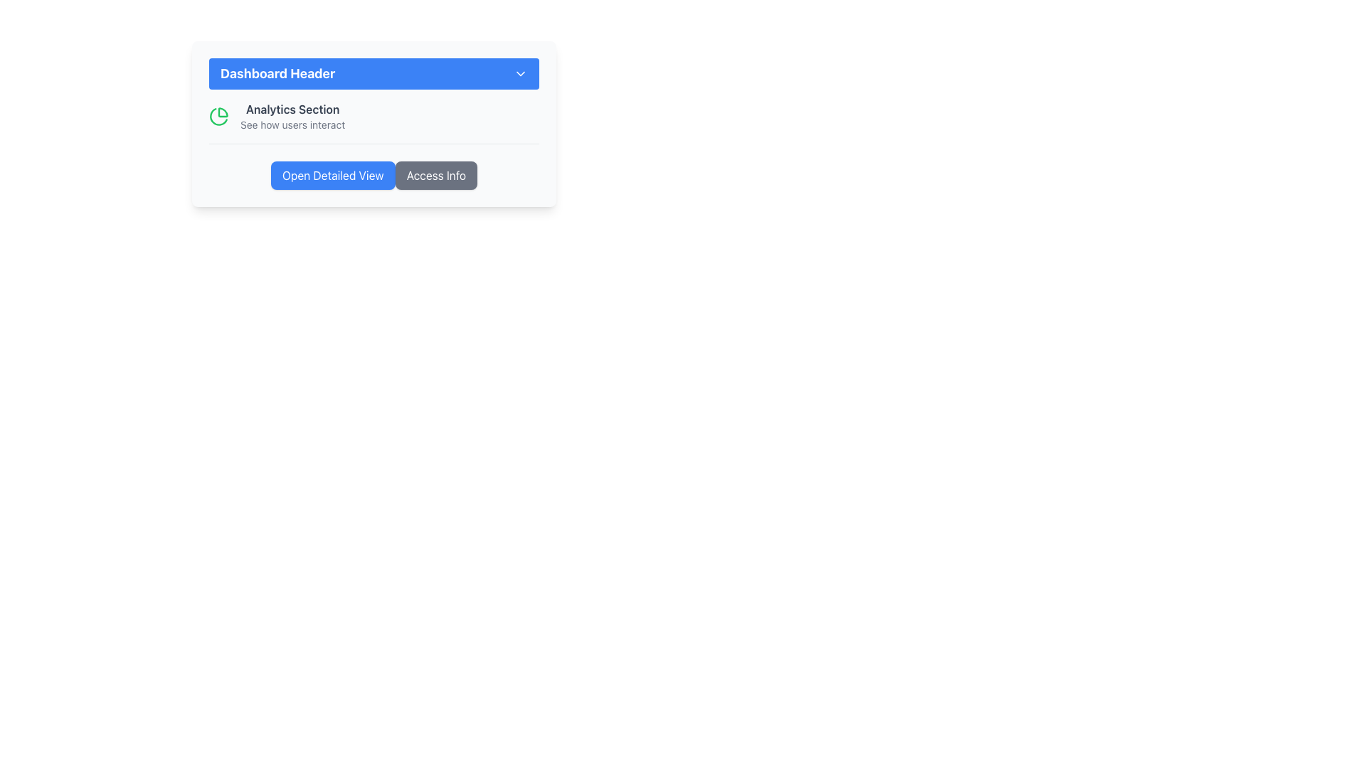  What do you see at coordinates (435, 174) in the screenshot?
I see `the 'Access Info' button, which is a gray button with rounded corners and white text, positioned to the right of the 'Open Detailed View' button` at bounding box center [435, 174].